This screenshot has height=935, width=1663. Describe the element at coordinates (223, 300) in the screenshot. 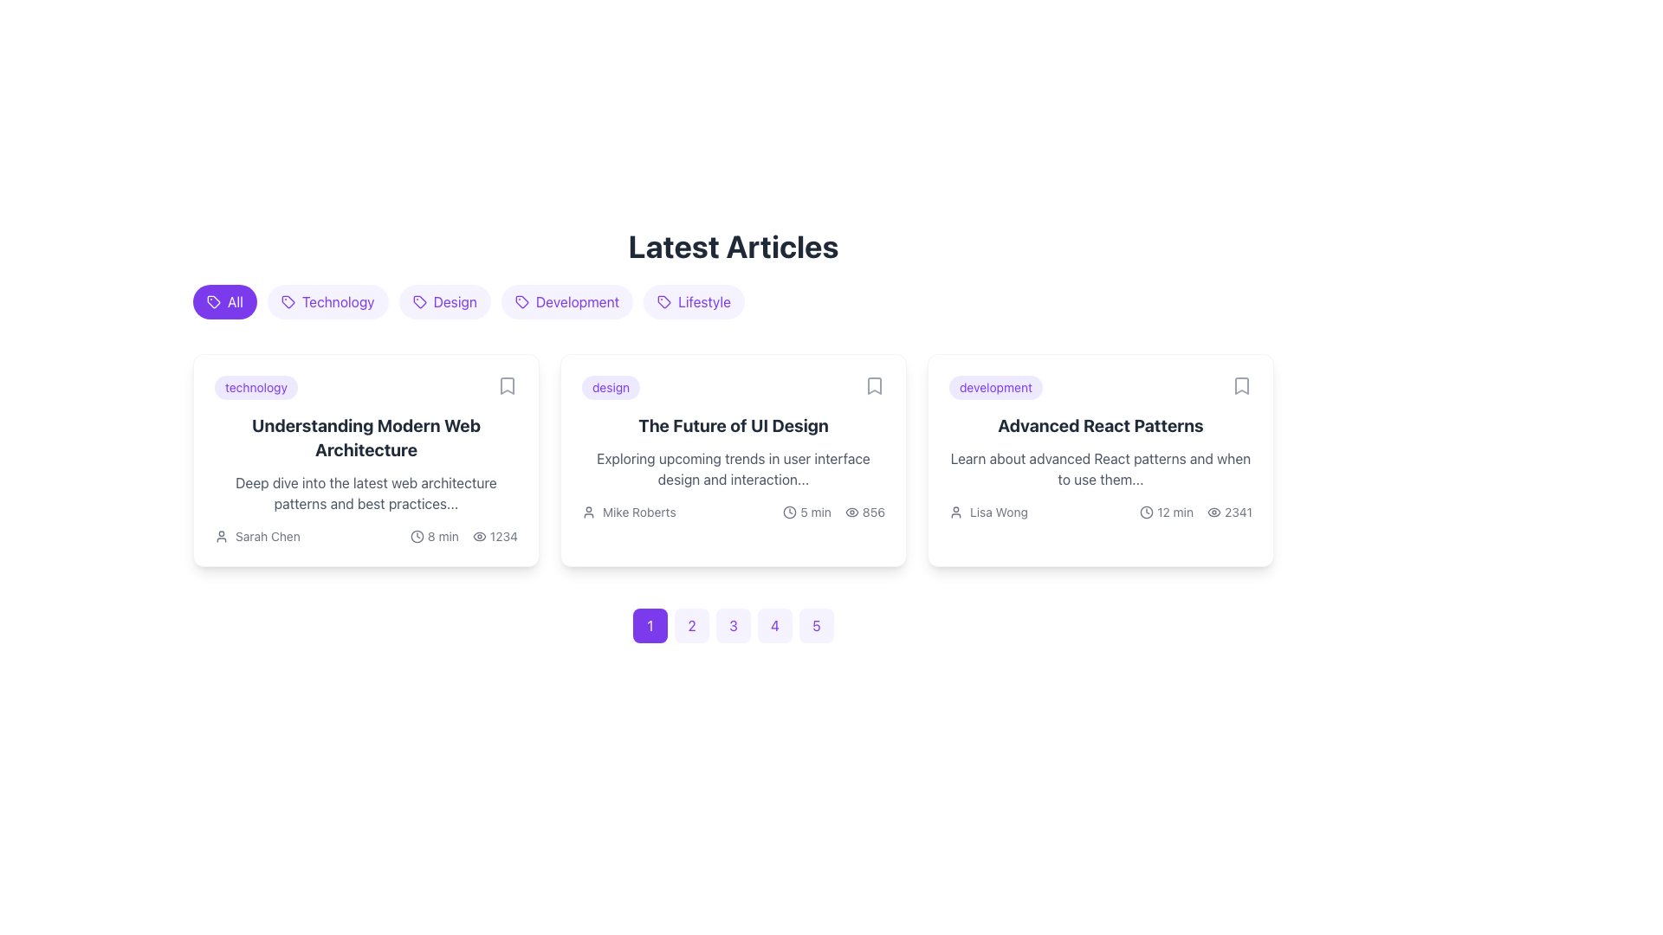

I see `the filter button located as the first button in the horizontal list of category selectors to apply the filter` at that location.